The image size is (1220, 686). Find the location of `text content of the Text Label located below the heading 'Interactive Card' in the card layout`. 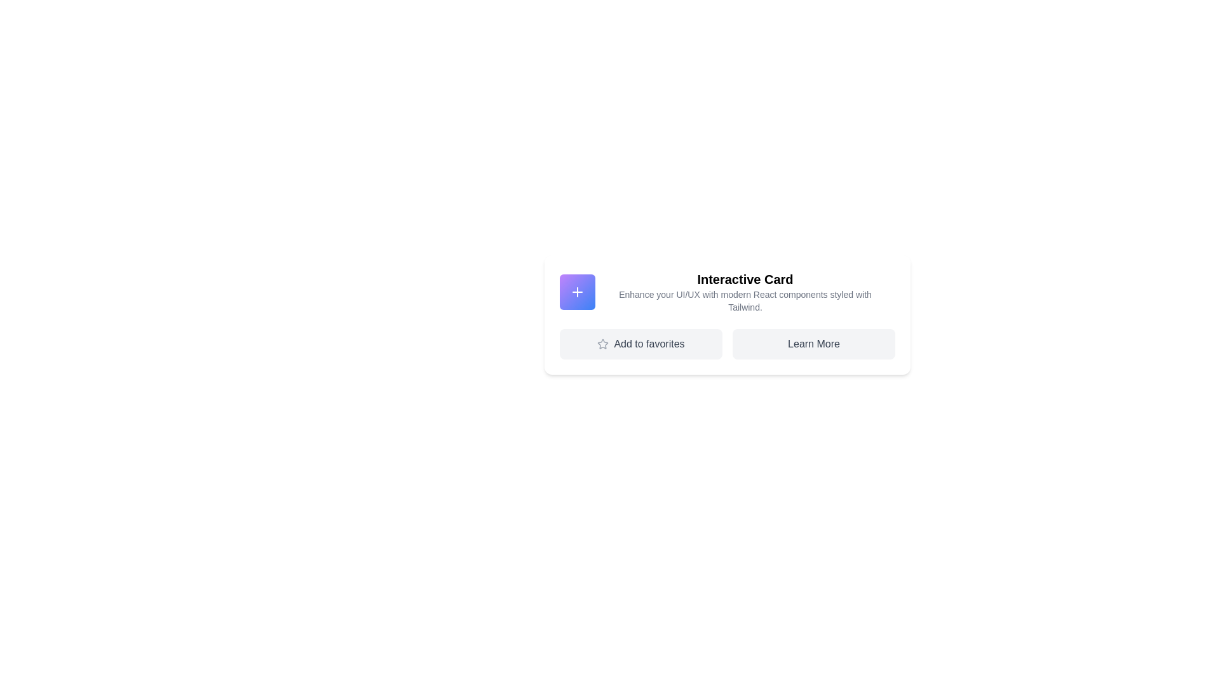

text content of the Text Label located below the heading 'Interactive Card' in the card layout is located at coordinates (745, 301).